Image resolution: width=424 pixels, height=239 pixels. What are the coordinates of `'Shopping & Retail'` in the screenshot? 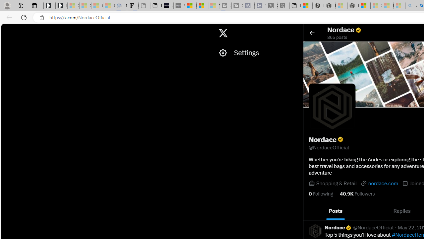 It's located at (336, 183).